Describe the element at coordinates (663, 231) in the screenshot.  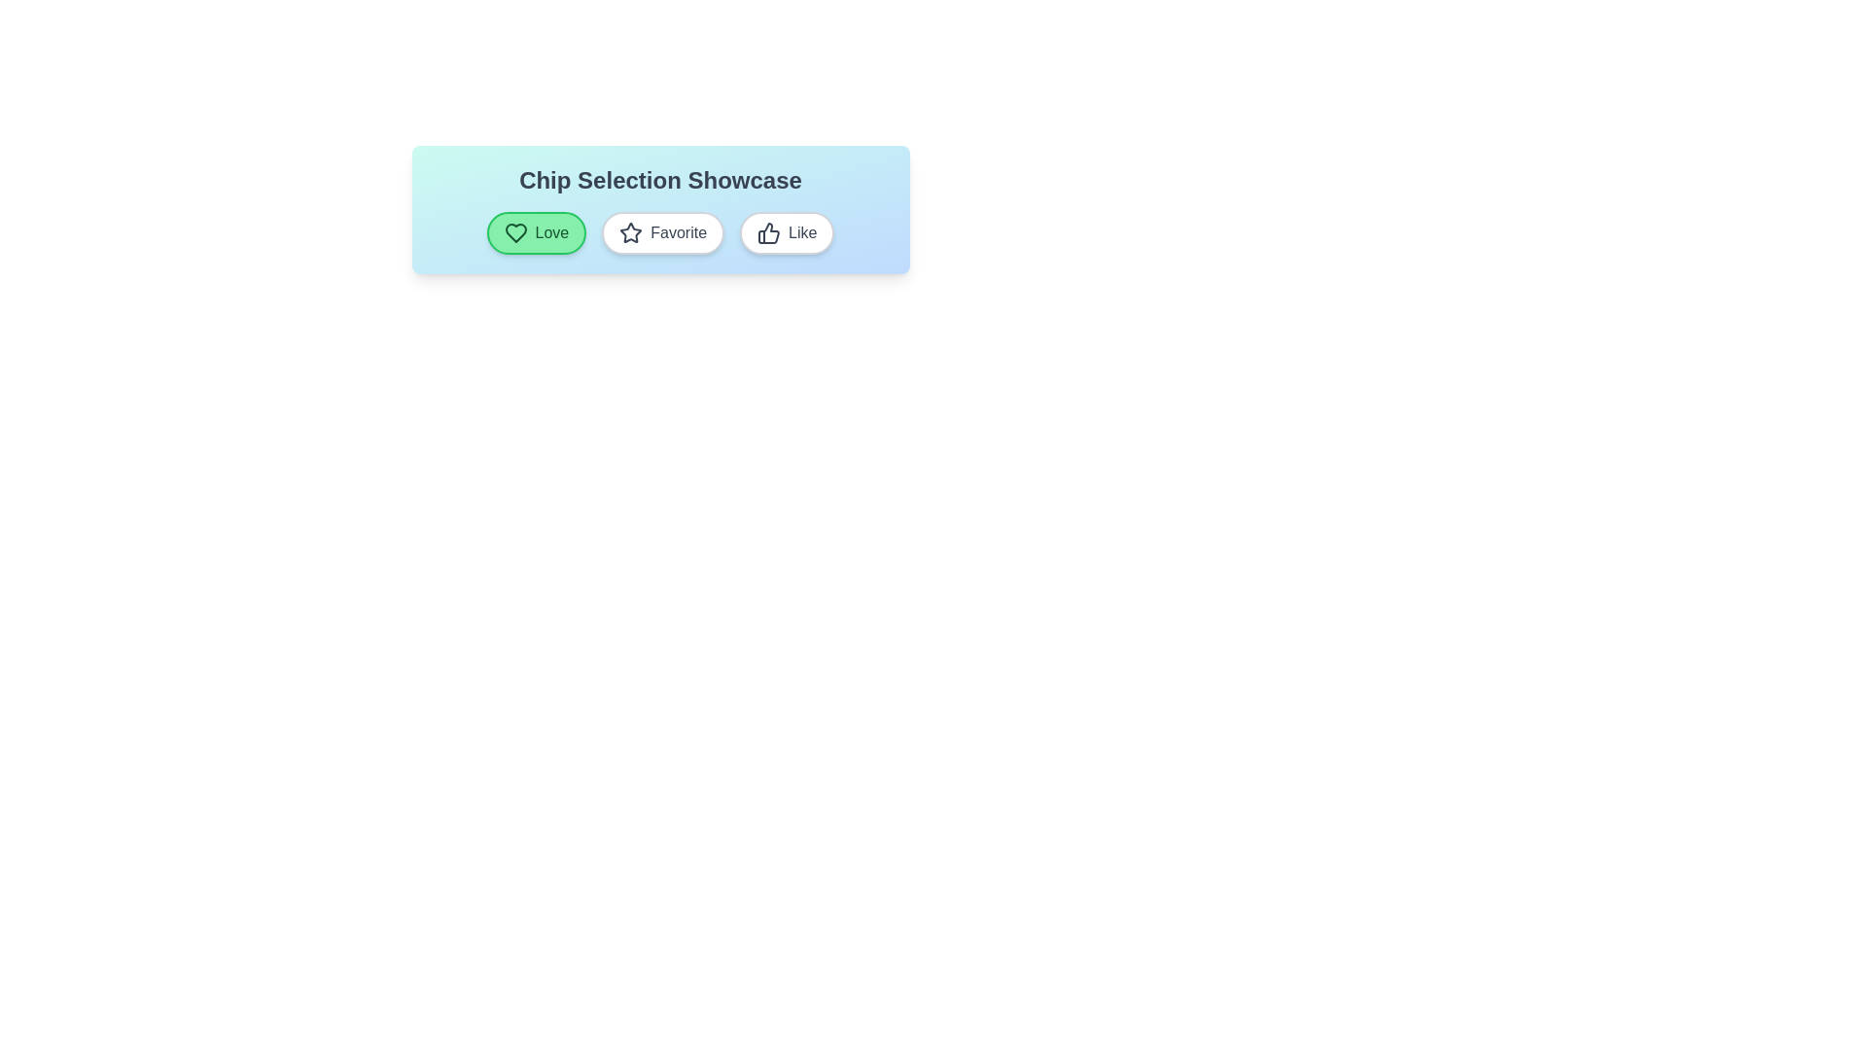
I see `the chip labeled Favorite to observe its visual feedback` at that location.